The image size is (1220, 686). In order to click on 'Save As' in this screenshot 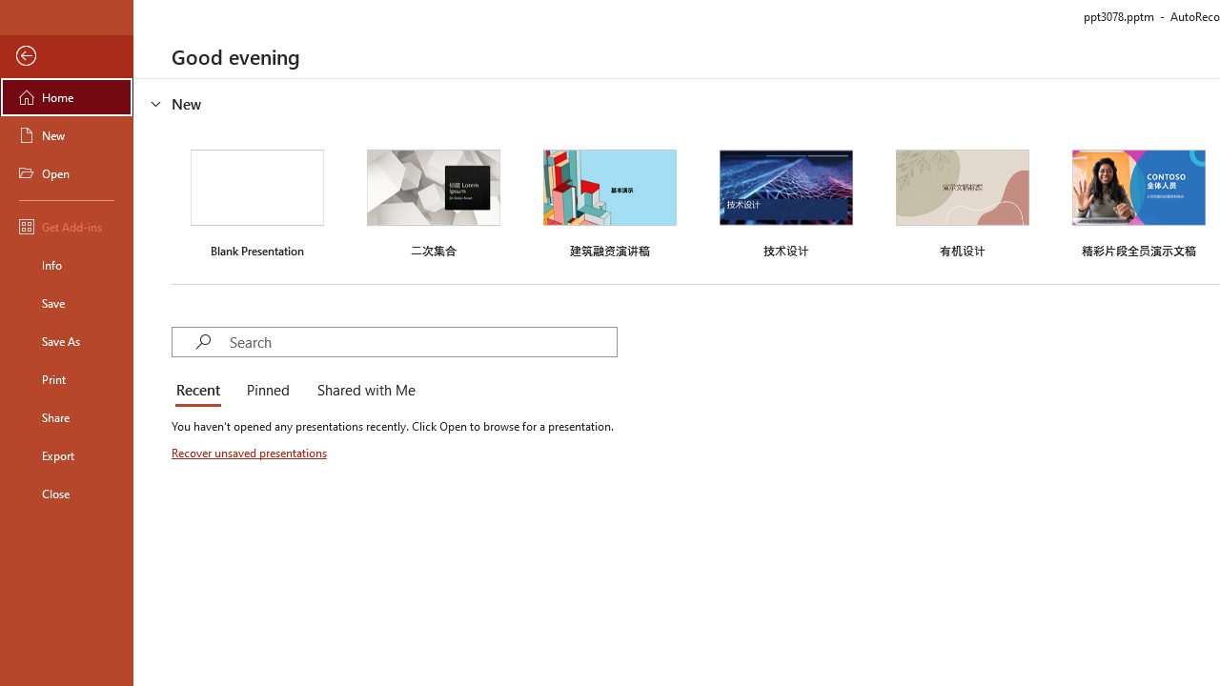, I will do `click(66, 339)`.